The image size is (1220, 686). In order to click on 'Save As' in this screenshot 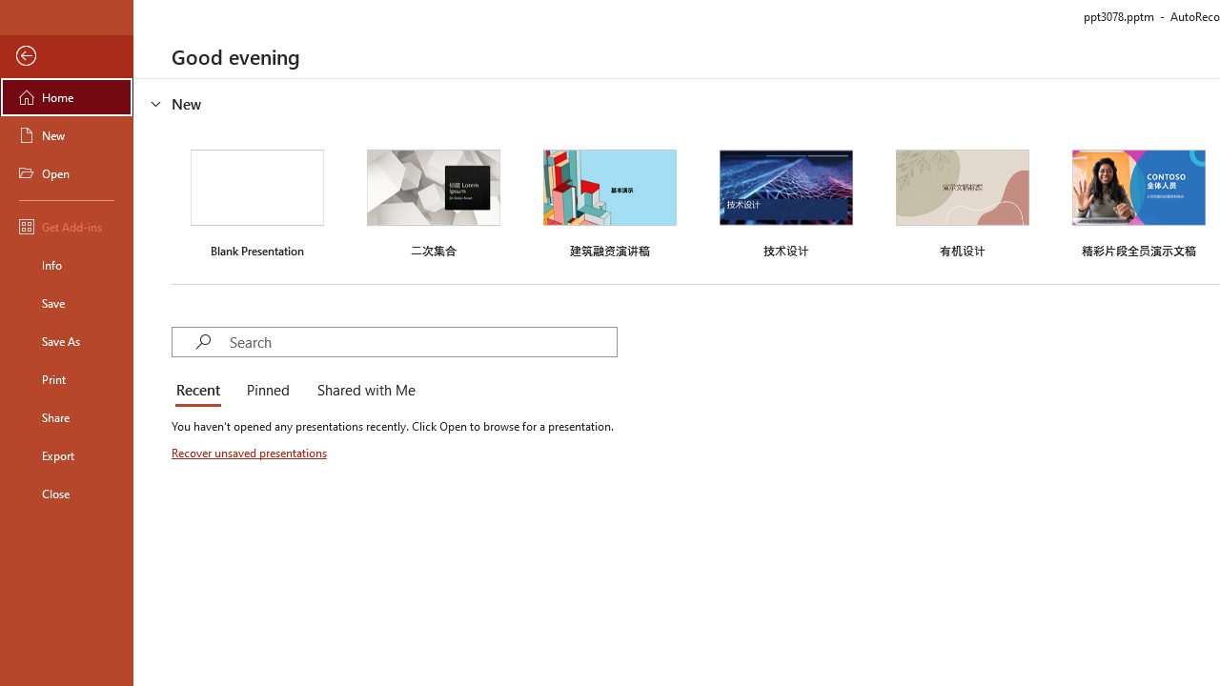, I will do `click(66, 339)`.